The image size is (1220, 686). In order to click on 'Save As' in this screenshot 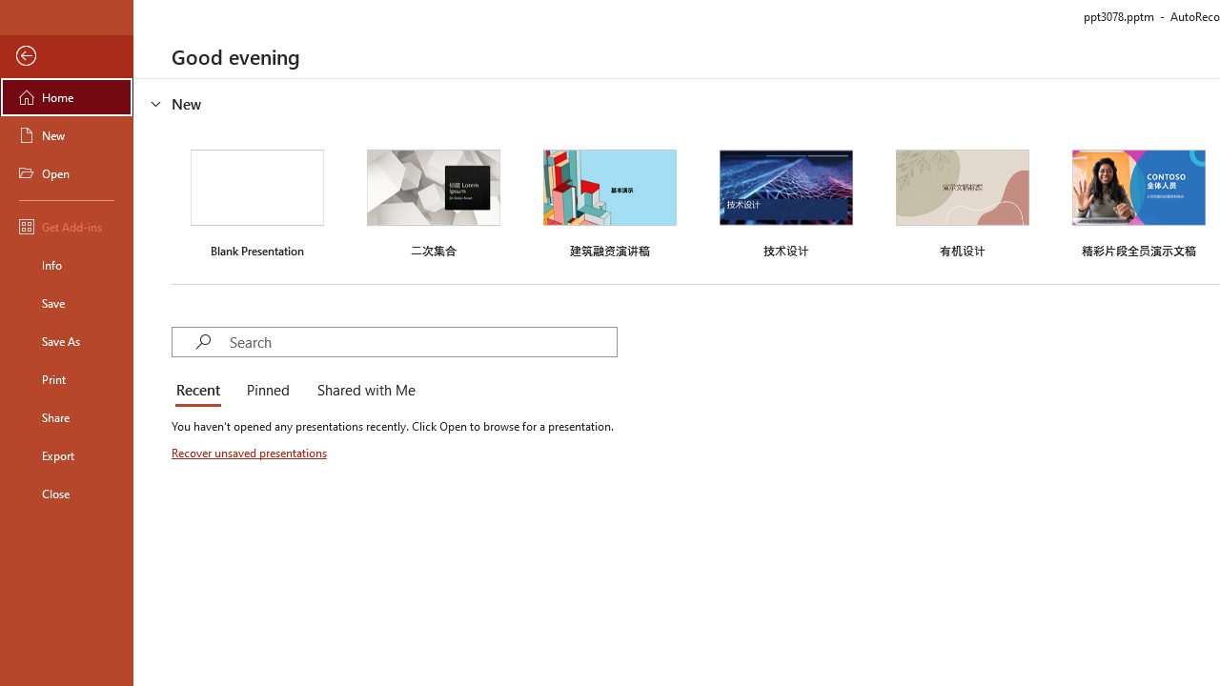, I will do `click(66, 339)`.